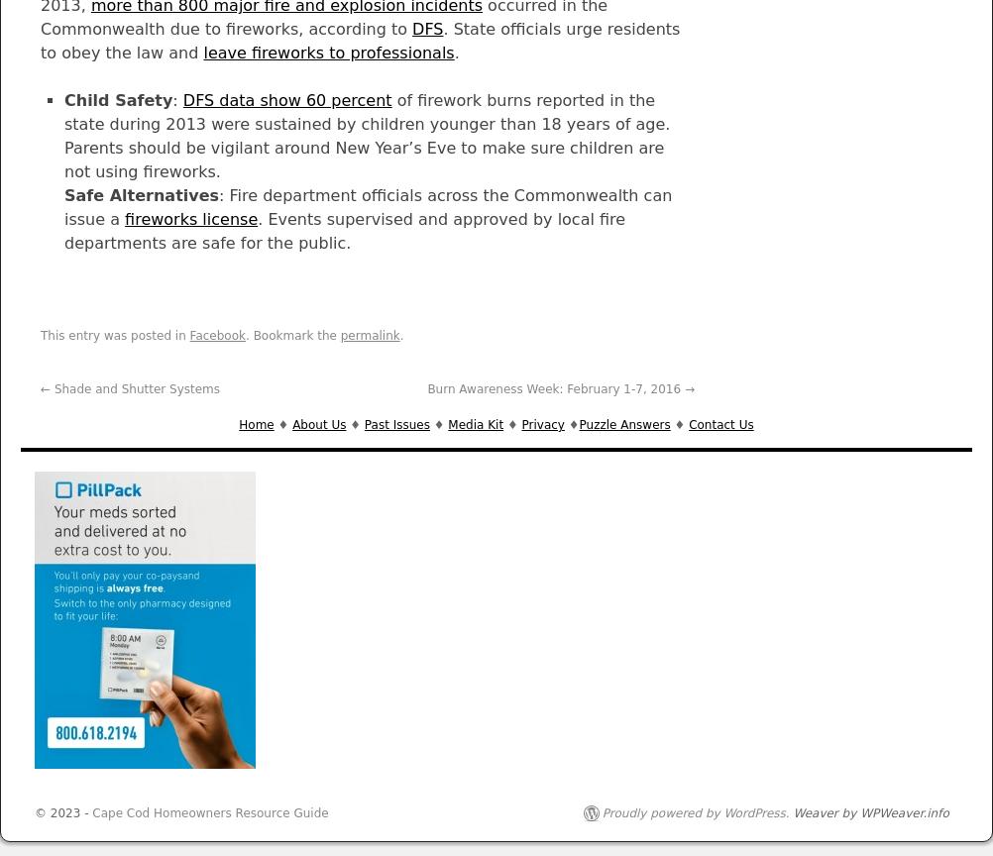 The height and width of the screenshot is (856, 993). Describe the element at coordinates (134, 388) in the screenshot. I see `'Shade and Shutter Systems'` at that location.